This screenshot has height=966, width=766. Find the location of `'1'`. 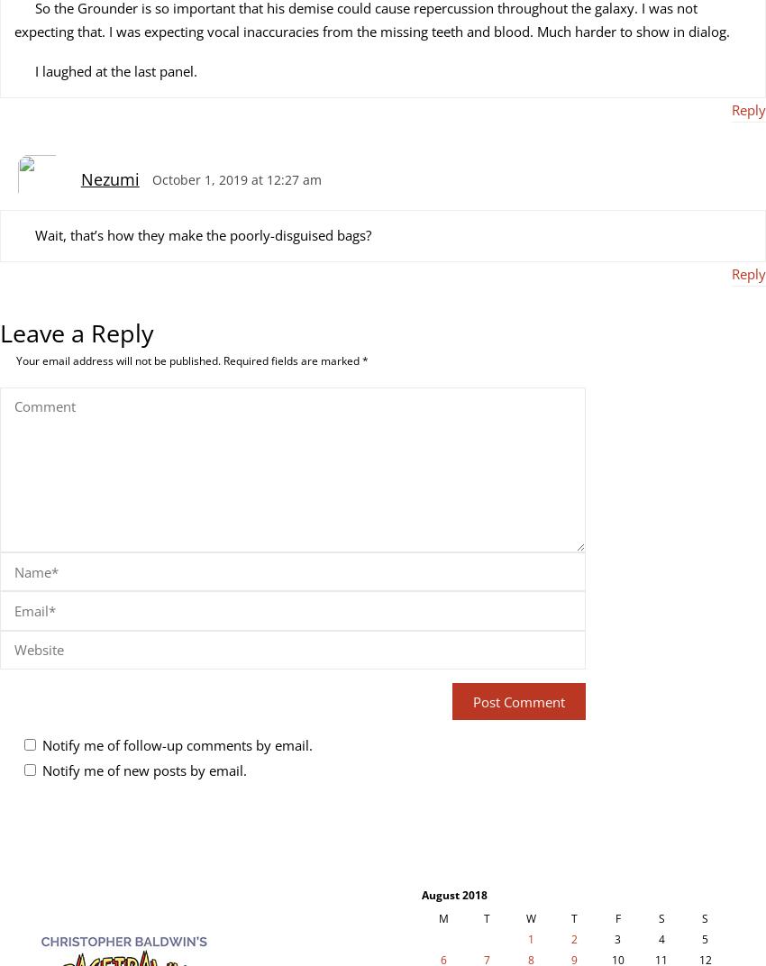

'1' is located at coordinates (526, 939).